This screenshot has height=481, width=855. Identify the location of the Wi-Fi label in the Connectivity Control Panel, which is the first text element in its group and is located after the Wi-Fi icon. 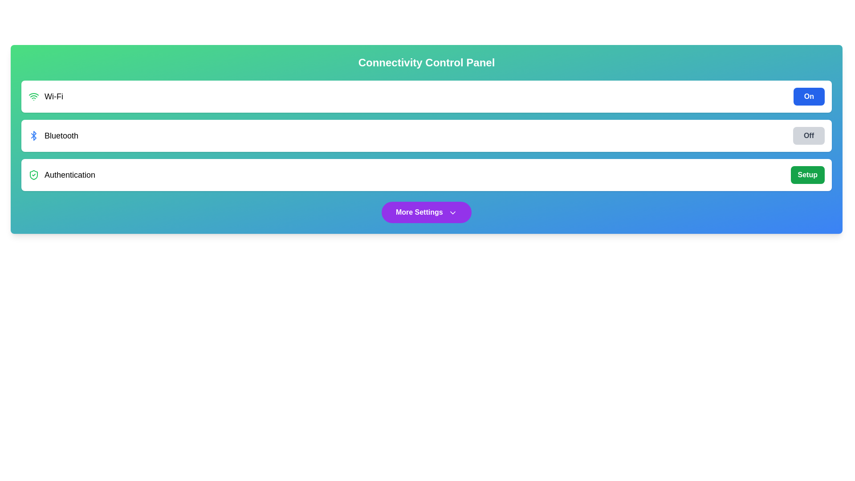
(53, 96).